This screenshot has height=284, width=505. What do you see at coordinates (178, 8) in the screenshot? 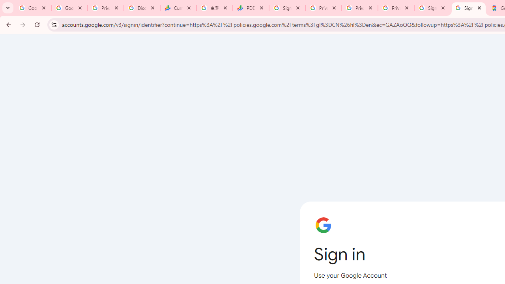
I see `'Currencies - Google Finance'` at bounding box center [178, 8].